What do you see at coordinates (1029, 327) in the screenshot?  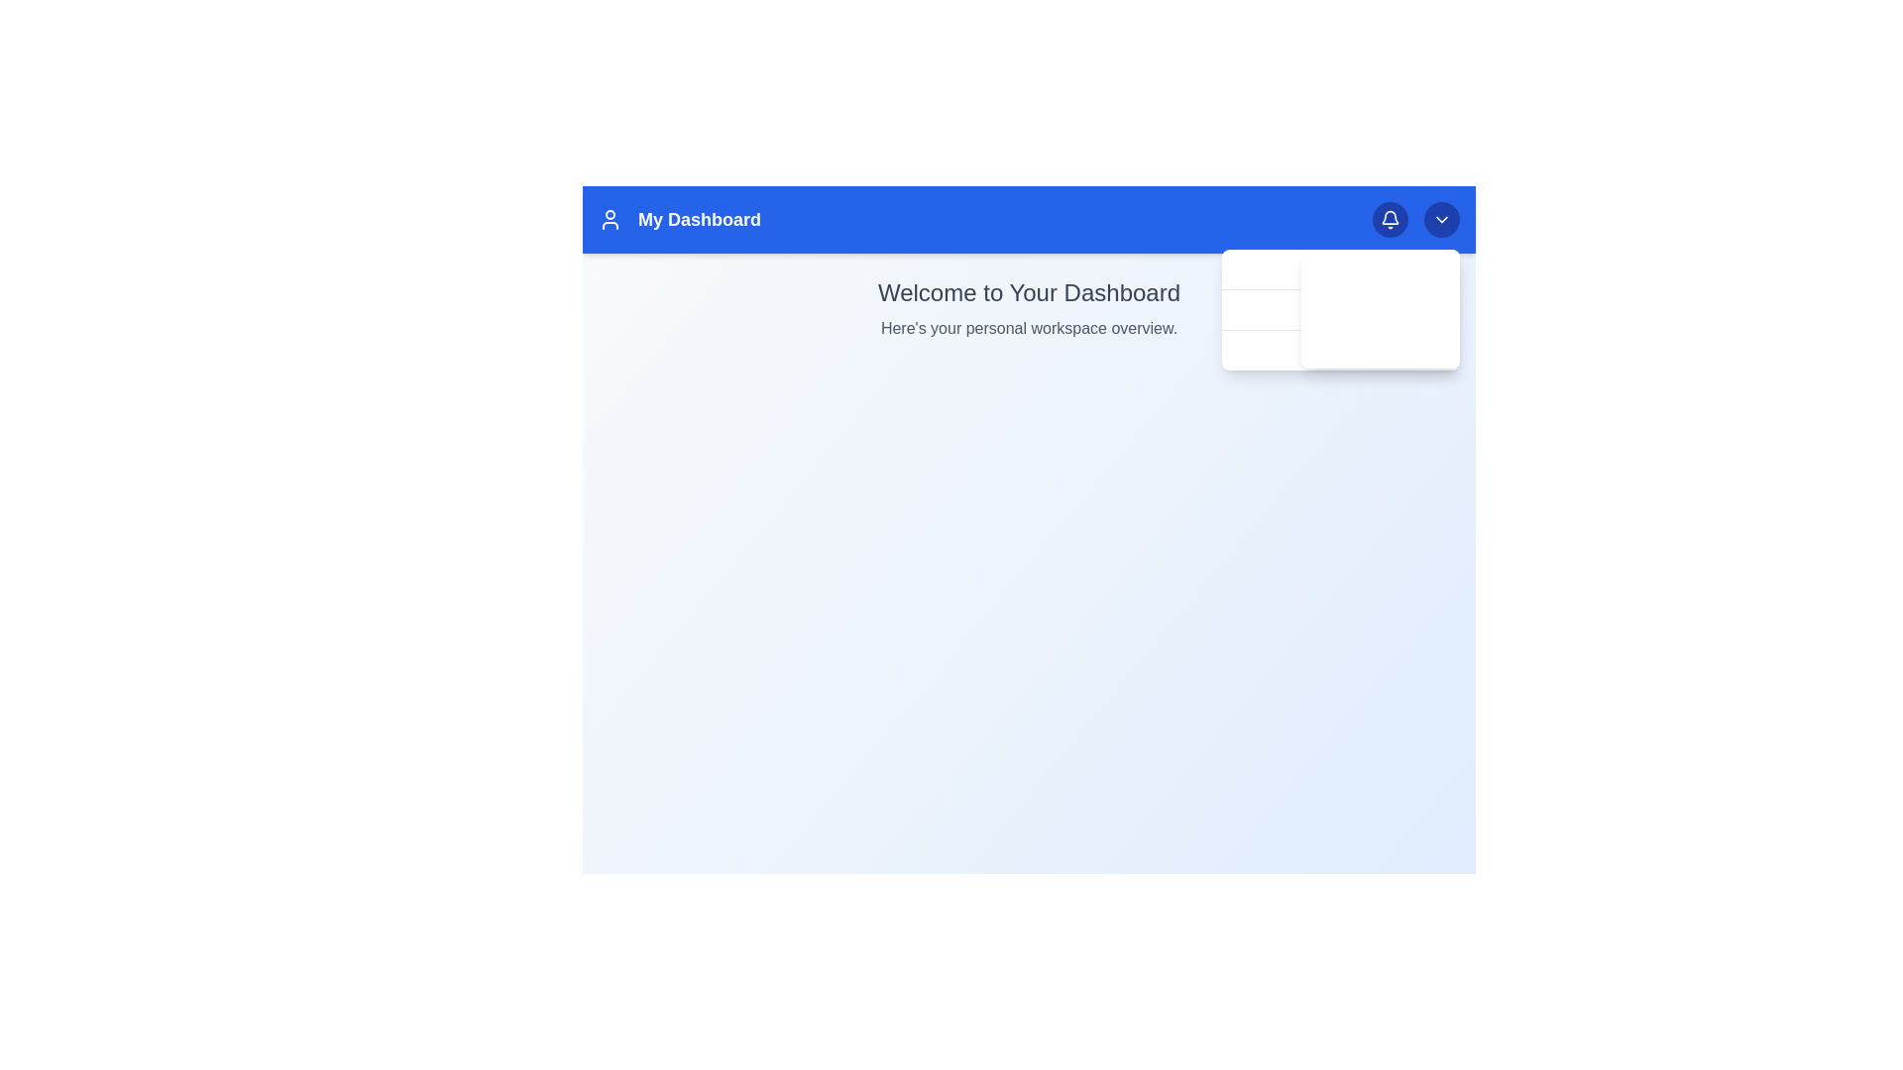 I see `the introductory text located below the 'Welcome to Your Dashboard' heading` at bounding box center [1029, 327].